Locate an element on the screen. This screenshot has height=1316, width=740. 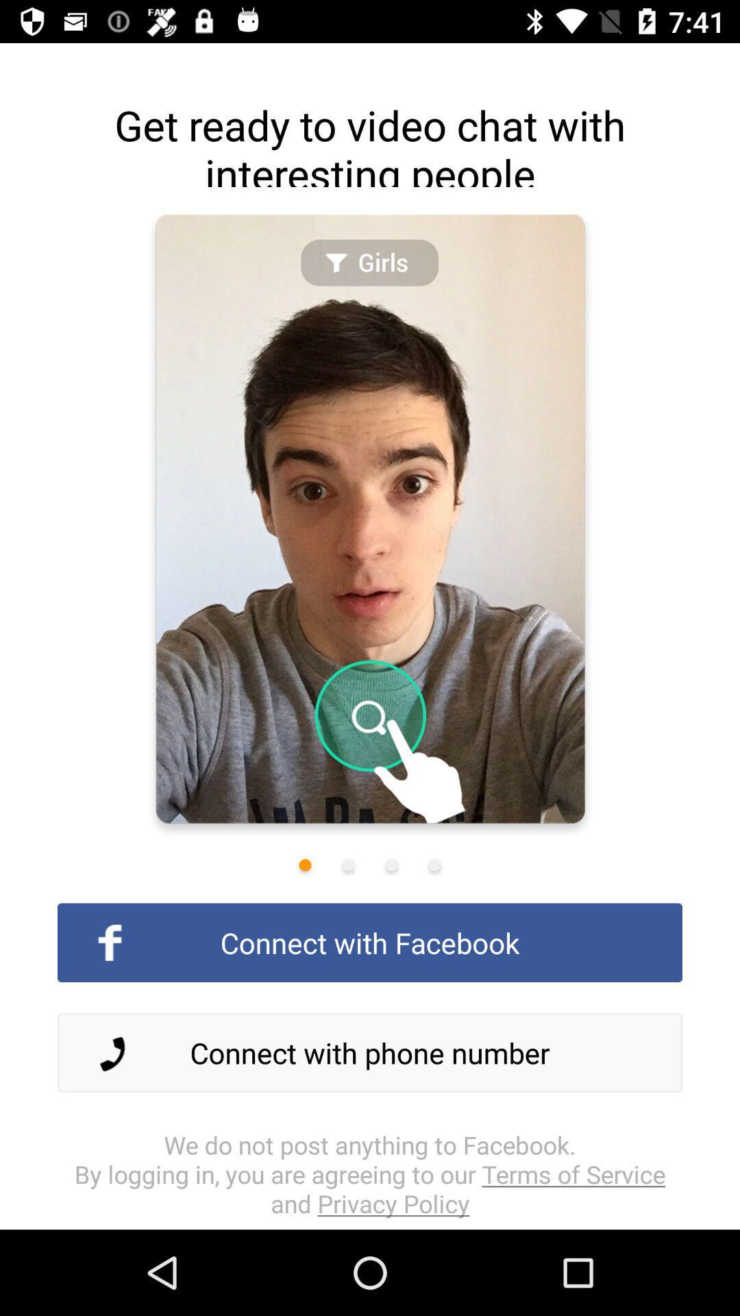
third icon from the left under picture is located at coordinates (391, 864).